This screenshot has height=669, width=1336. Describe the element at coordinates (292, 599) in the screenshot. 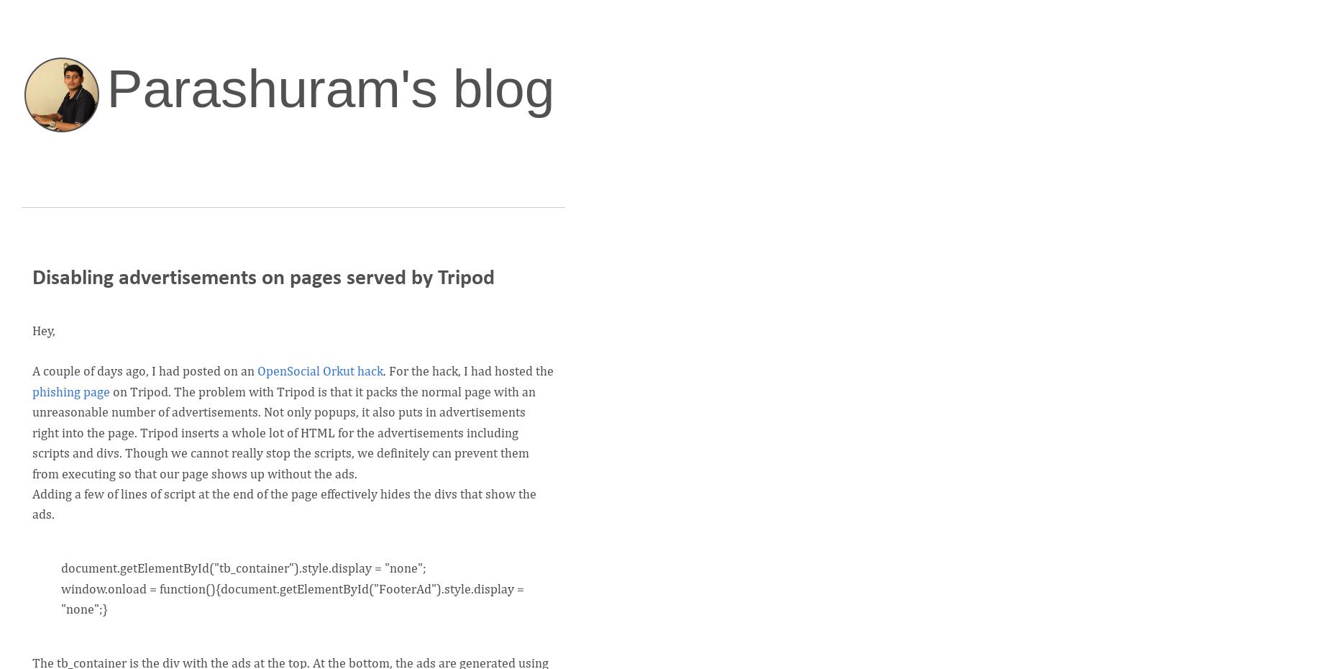

I see `'window.onload = function(){document.getElementById("FooterAd").style.display = "none";}'` at that location.